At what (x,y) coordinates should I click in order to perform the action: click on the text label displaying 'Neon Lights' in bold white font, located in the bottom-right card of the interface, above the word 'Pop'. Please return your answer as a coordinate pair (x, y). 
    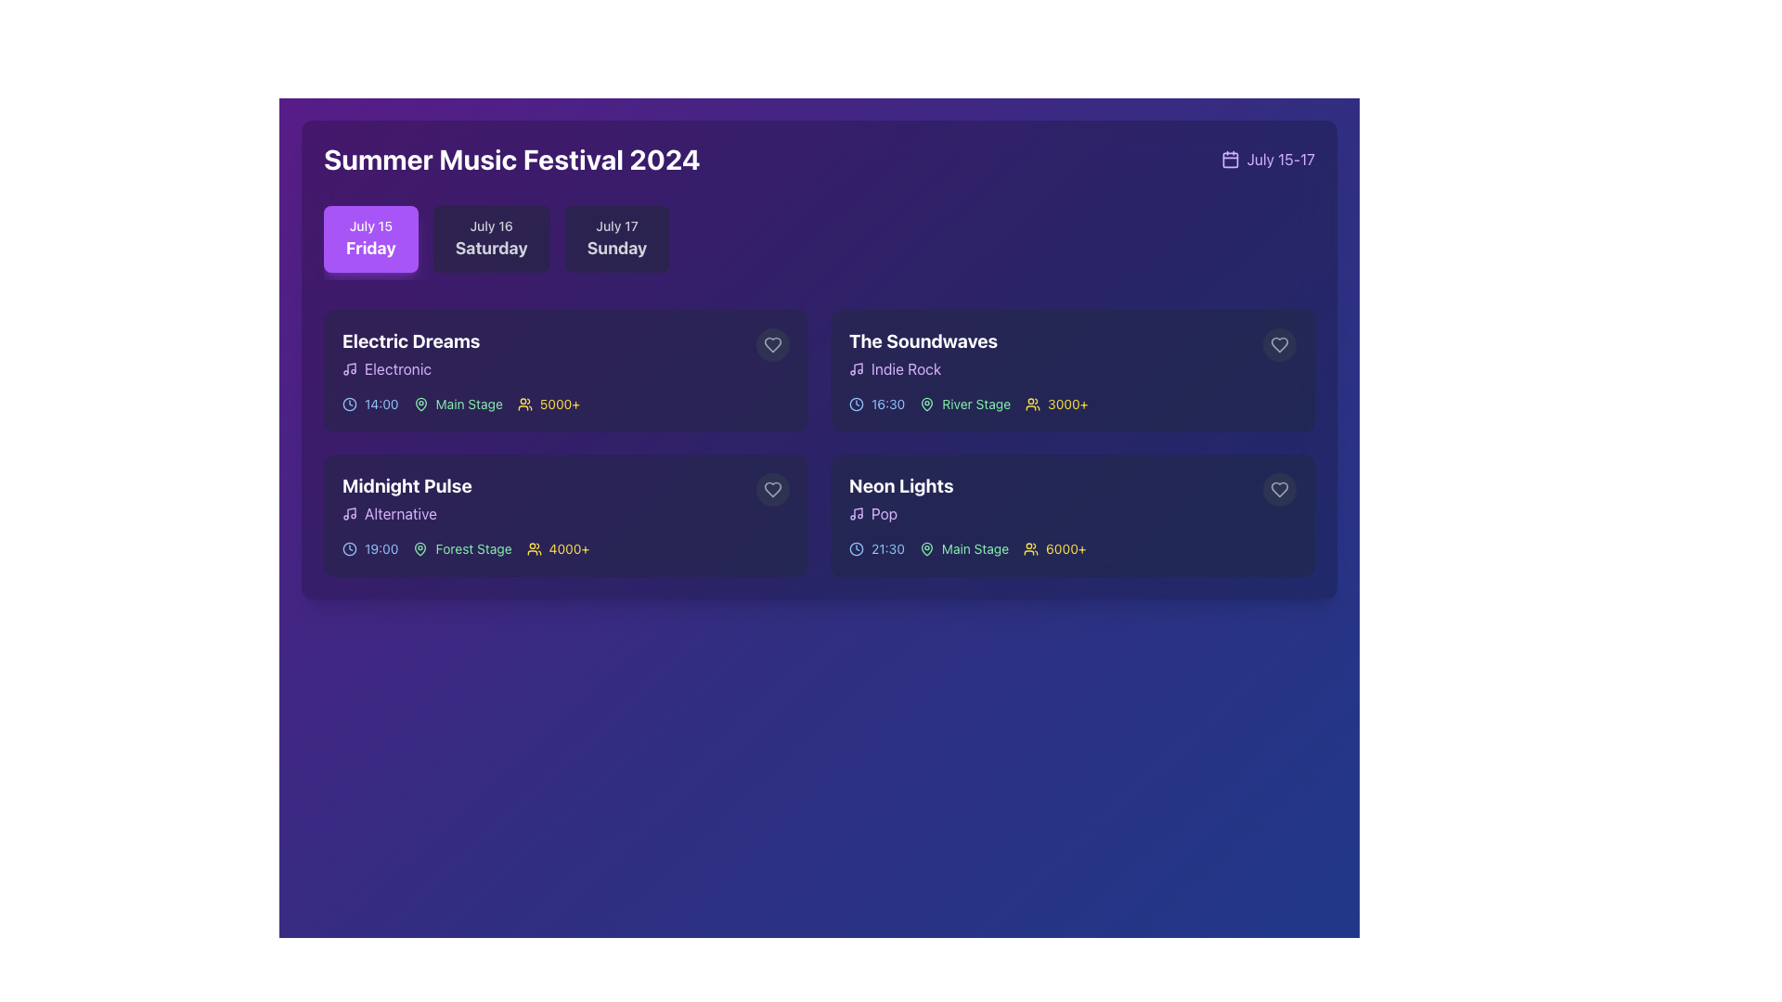
    Looking at the image, I should click on (901, 497).